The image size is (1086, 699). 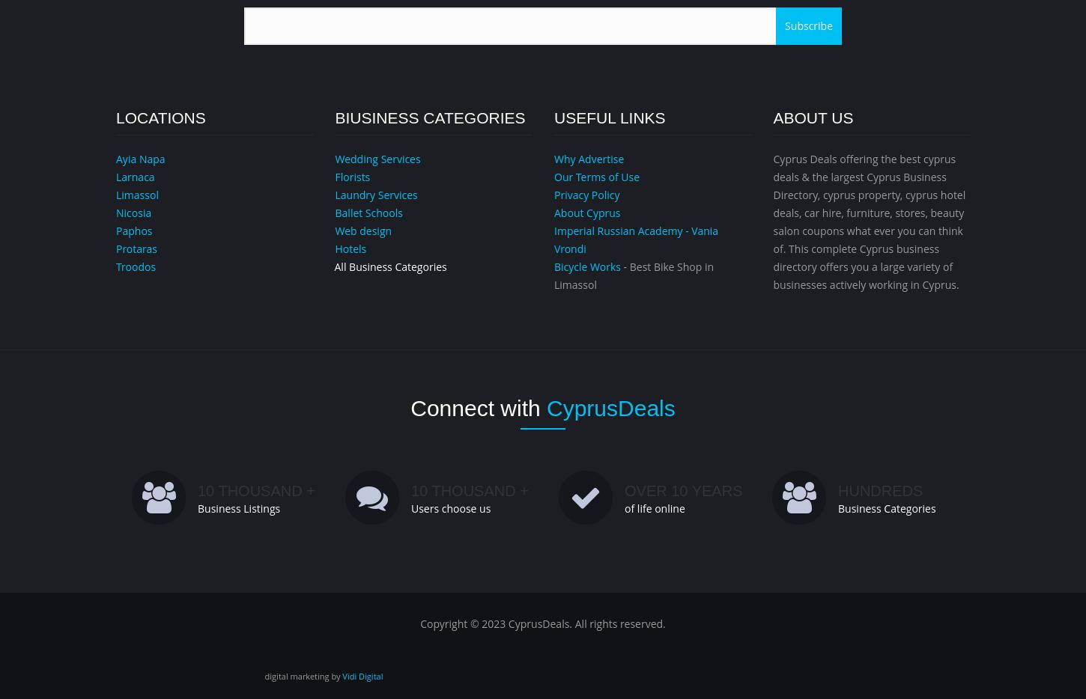 I want to click on 'Ballet Schools', so click(x=368, y=212).